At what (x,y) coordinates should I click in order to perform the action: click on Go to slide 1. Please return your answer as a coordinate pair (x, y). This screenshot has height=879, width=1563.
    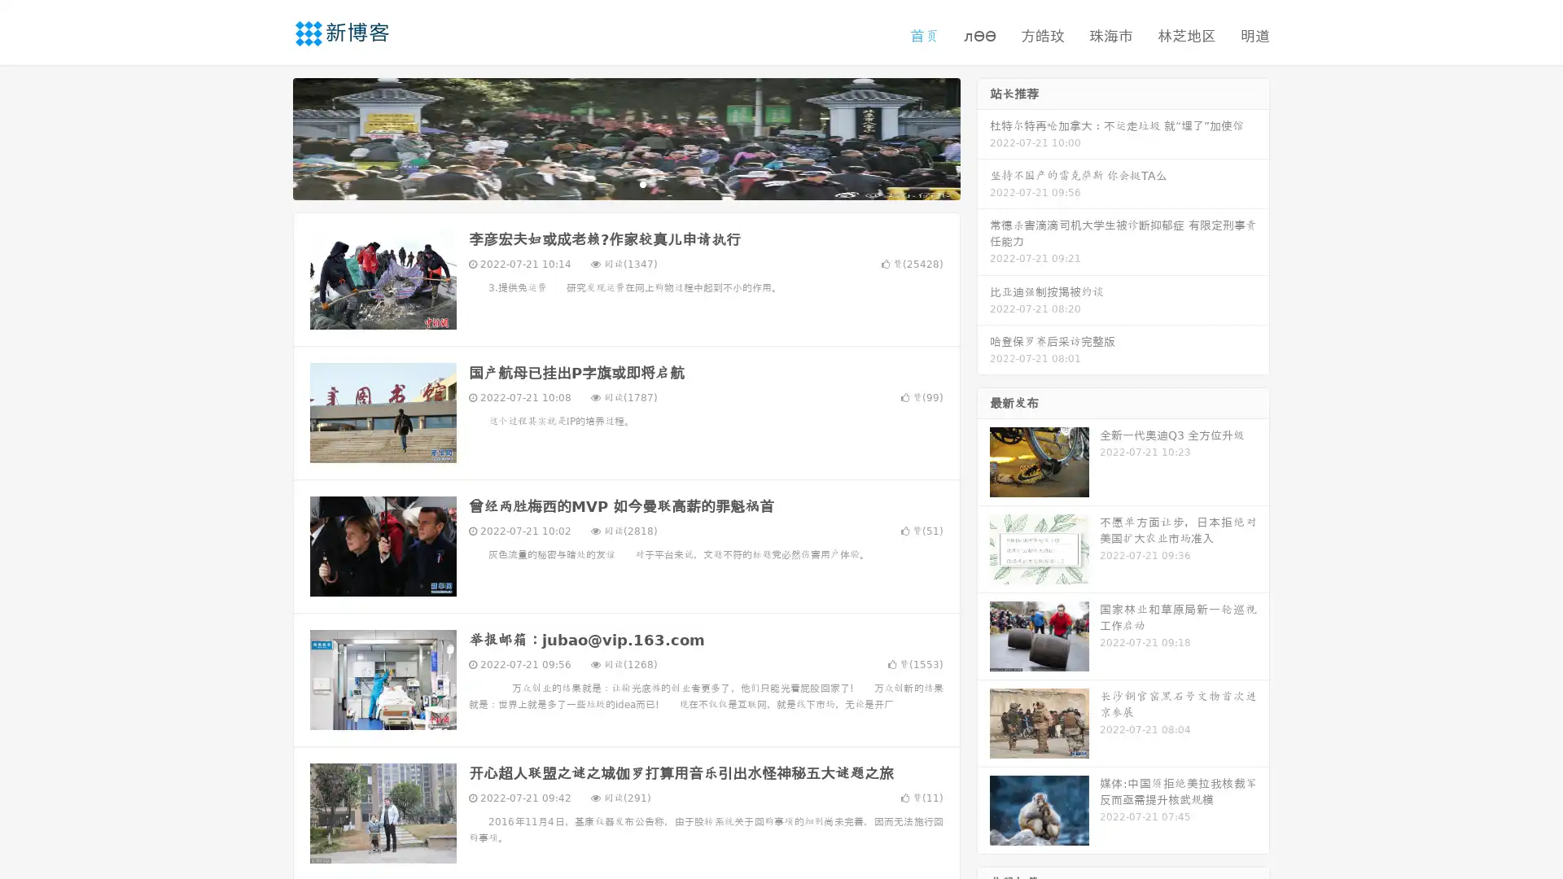
    Looking at the image, I should click on (609, 183).